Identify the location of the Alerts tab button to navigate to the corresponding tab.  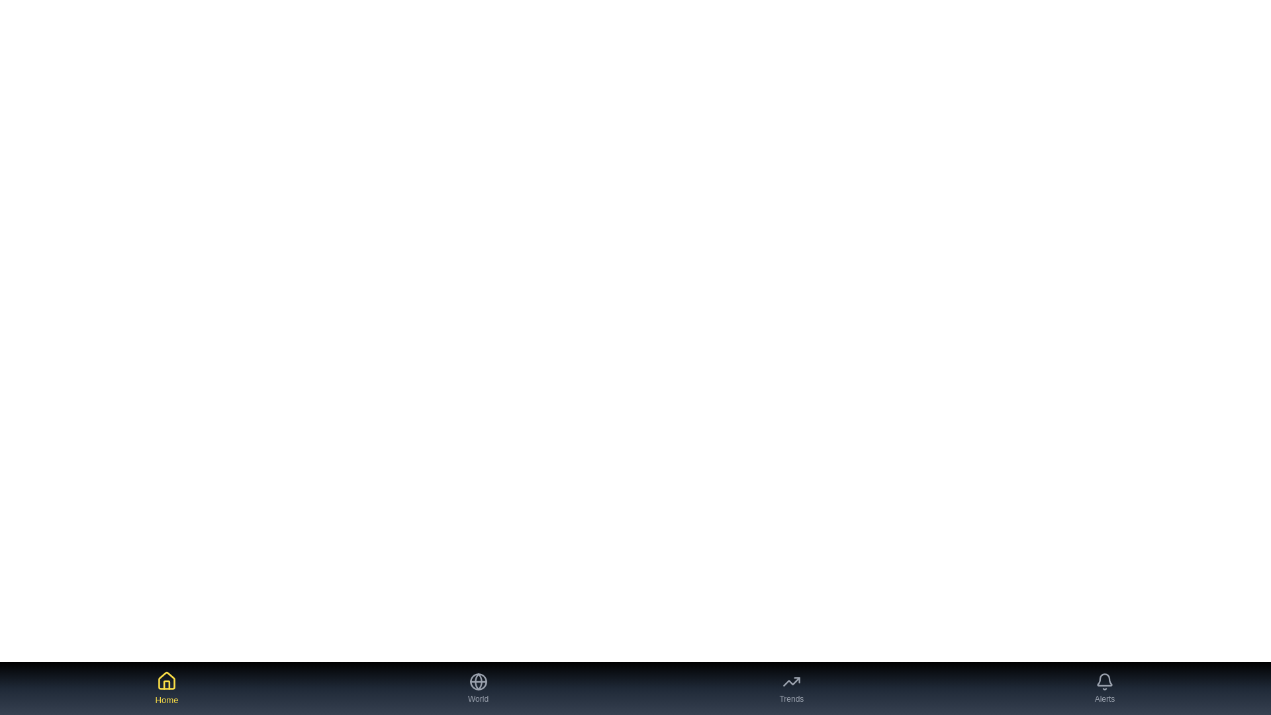
(1104, 688).